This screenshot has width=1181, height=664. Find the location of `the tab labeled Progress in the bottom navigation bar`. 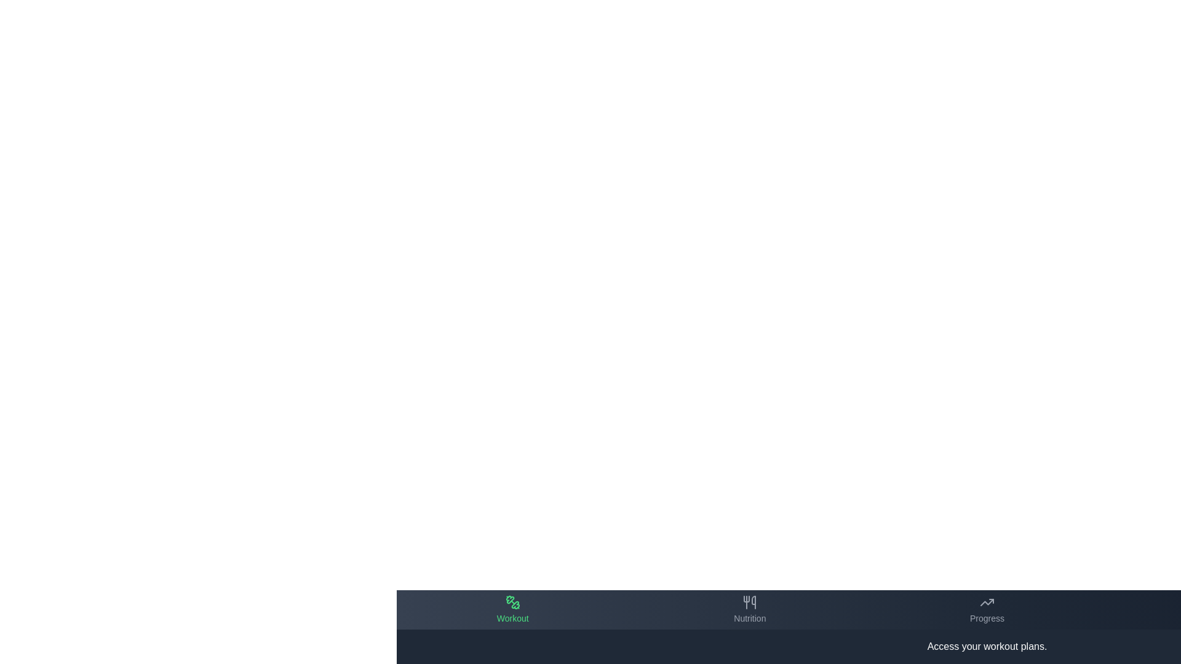

the tab labeled Progress in the bottom navigation bar is located at coordinates (987, 609).